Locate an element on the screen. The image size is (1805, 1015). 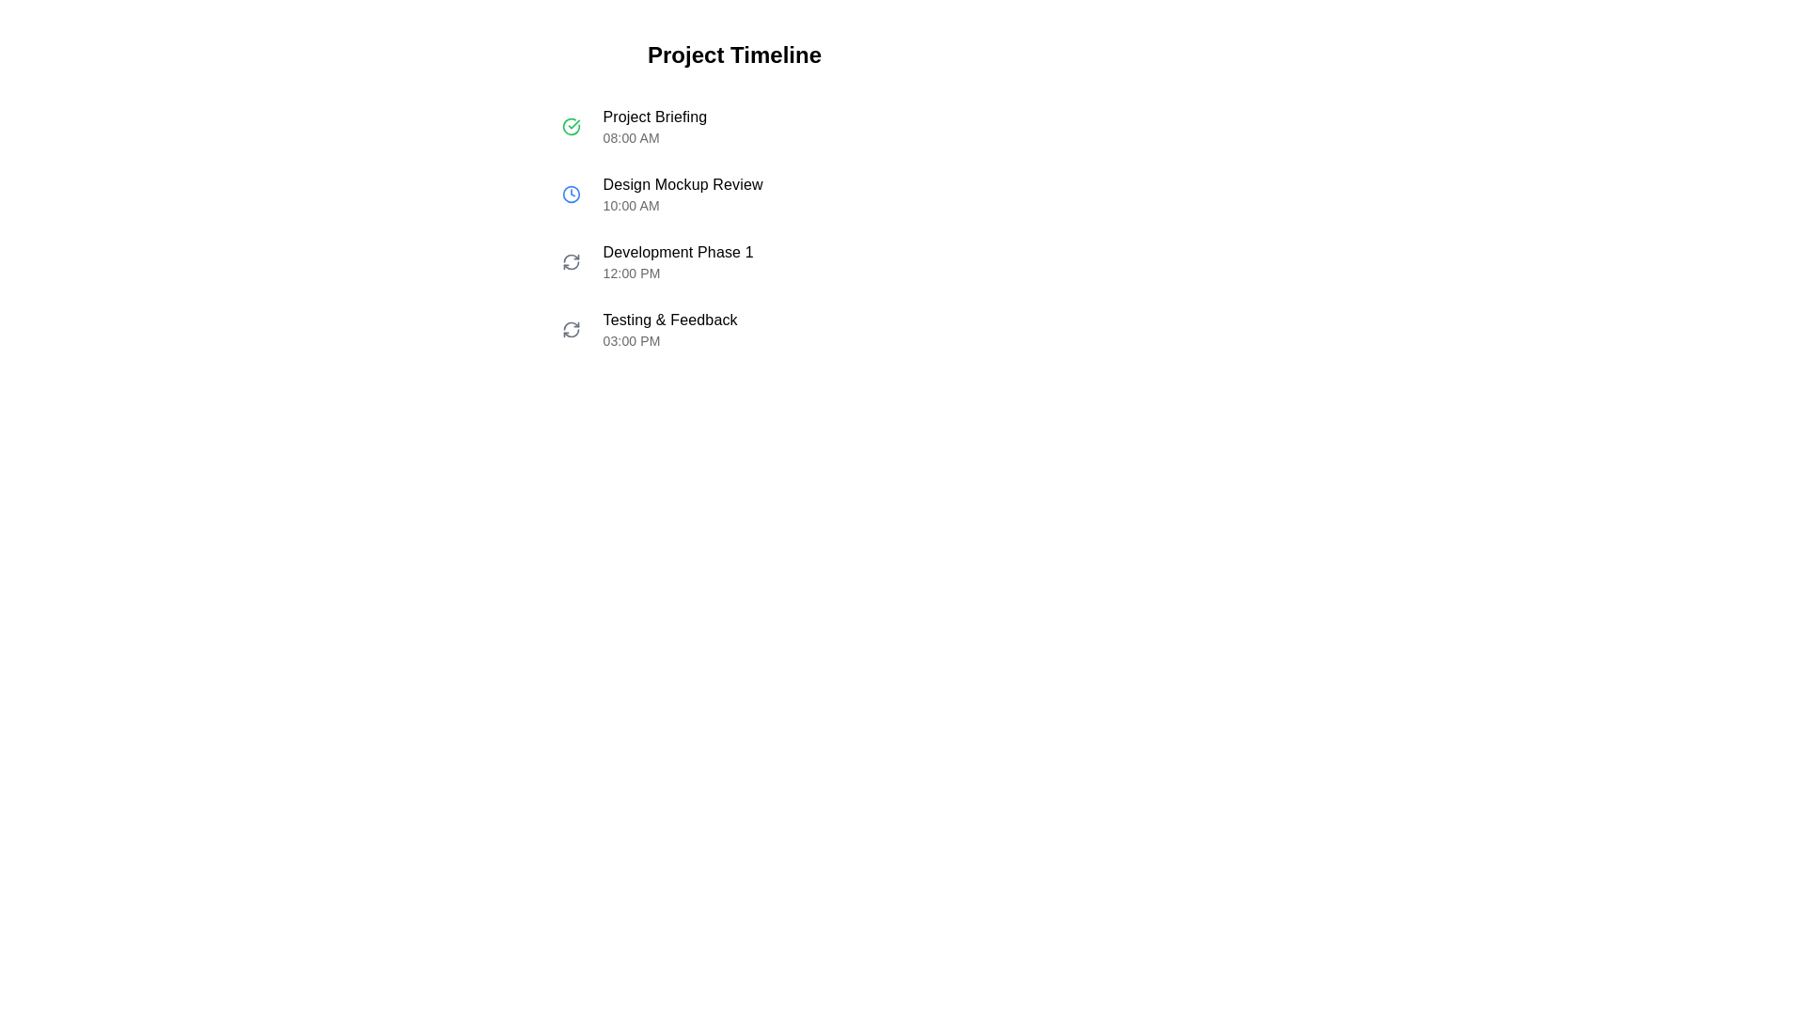
the circular refresh icon, which is a minimalist design with a gray color scheme located under the 'Development Phase 1' entry at 12:00 PM in the timeline is located at coordinates (570, 329).